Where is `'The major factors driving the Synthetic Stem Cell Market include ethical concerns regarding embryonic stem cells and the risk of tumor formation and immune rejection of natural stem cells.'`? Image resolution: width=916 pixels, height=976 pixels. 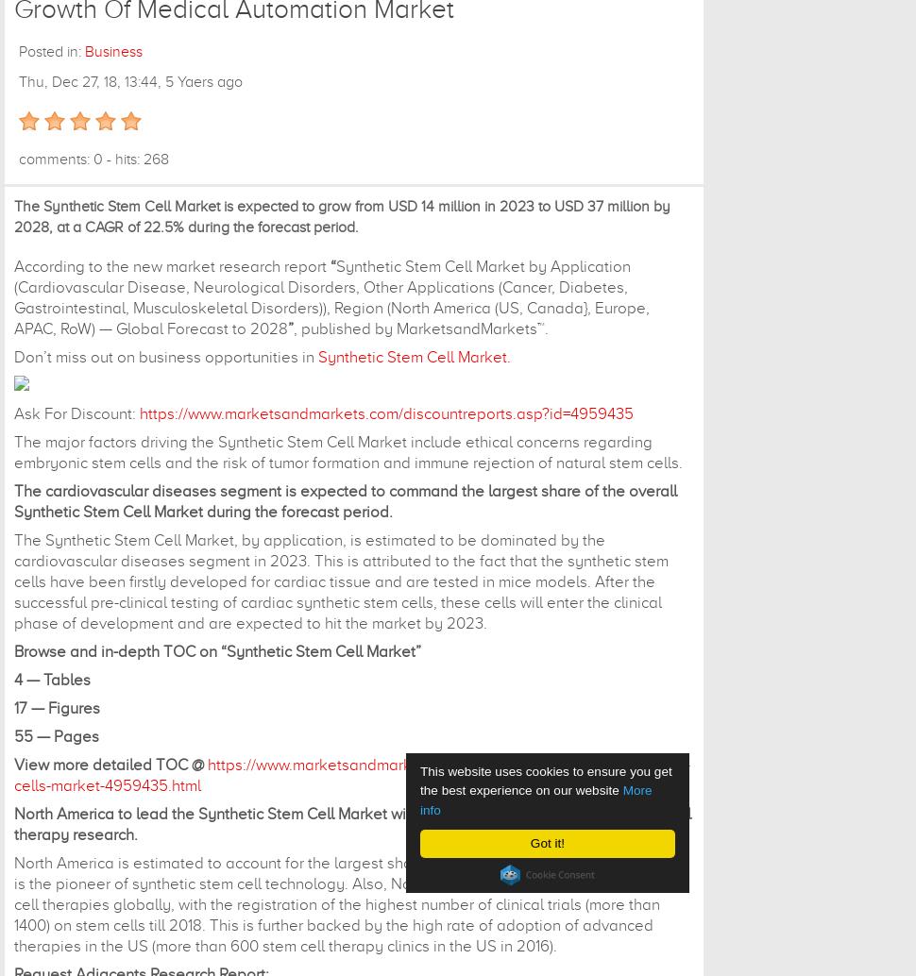 'The major factors driving the Synthetic Stem Cell Market include ethical concerns regarding embryonic stem cells and the risk of tumor formation and immune rejection of natural stem cells.' is located at coordinates (14, 451).